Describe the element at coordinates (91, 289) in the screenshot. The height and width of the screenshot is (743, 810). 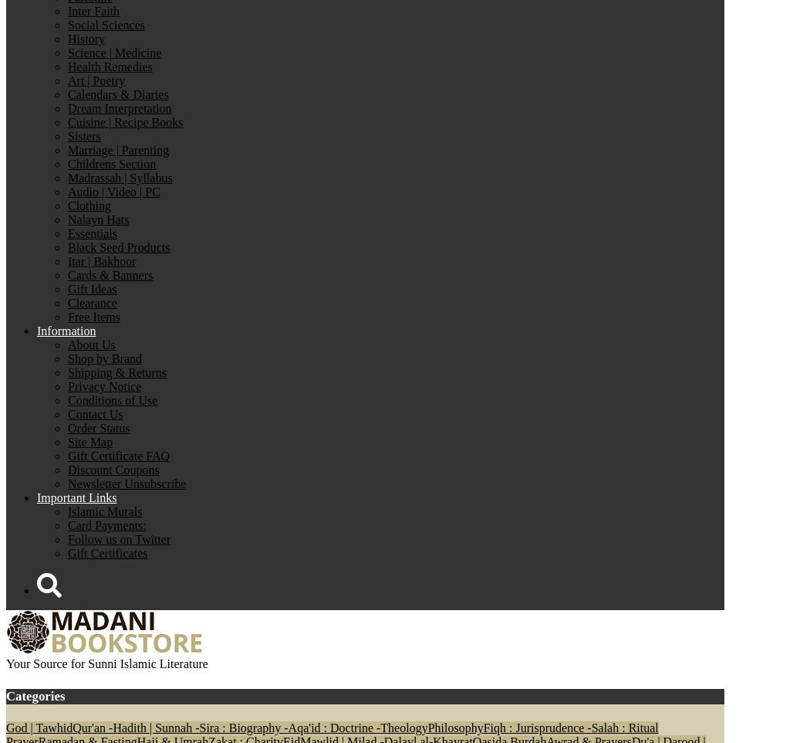
I see `'Gift Ideas'` at that location.